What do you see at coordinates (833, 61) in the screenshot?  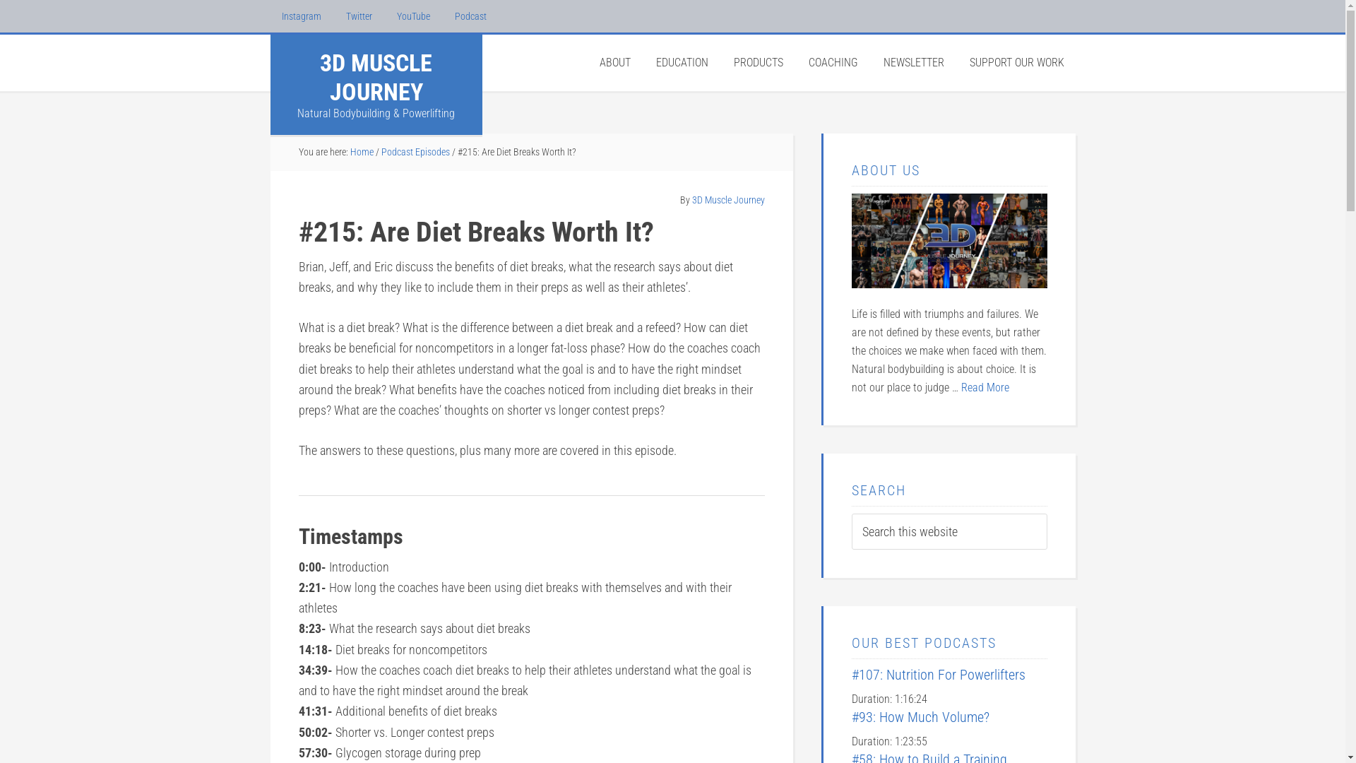 I see `'COACHING'` at bounding box center [833, 61].